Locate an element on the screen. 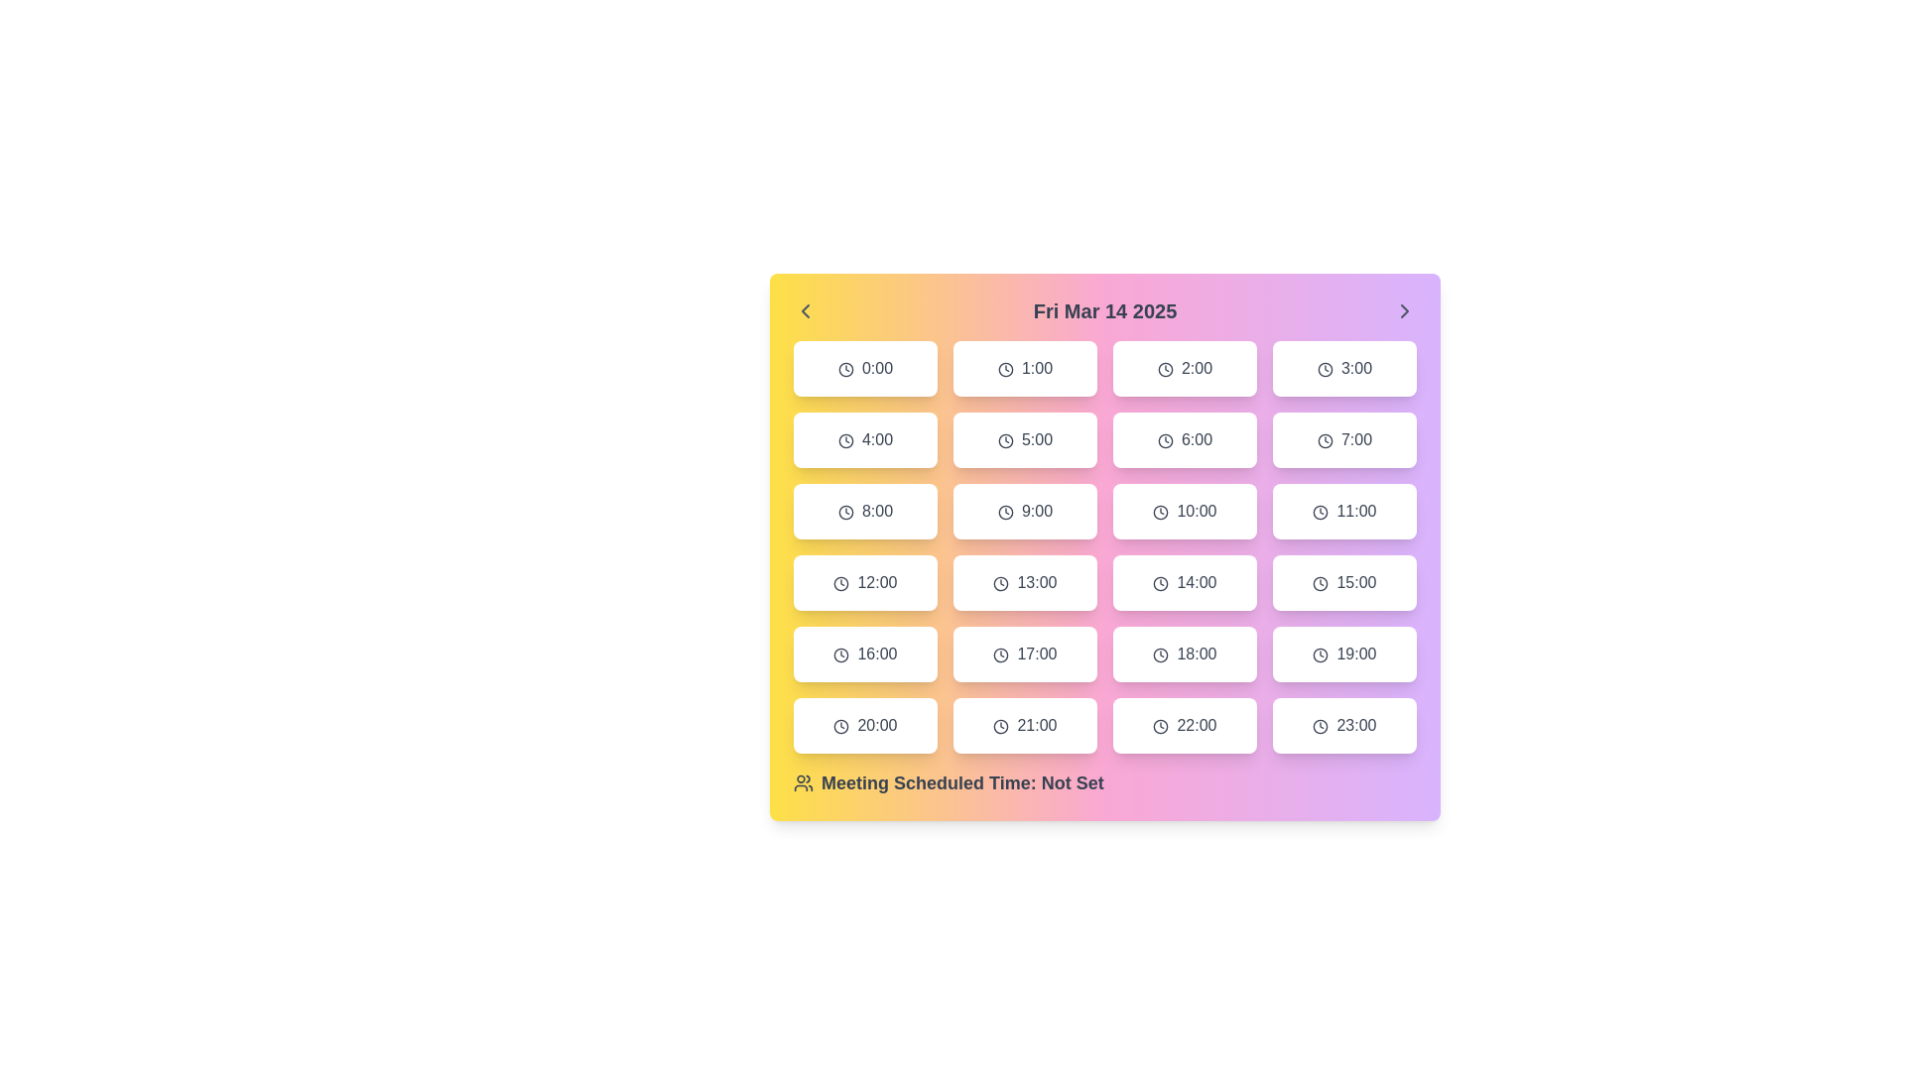  the text label indicating the selected date, which is positioned at the top of the panel and flanked by navigational arrows is located at coordinates (1103, 310).